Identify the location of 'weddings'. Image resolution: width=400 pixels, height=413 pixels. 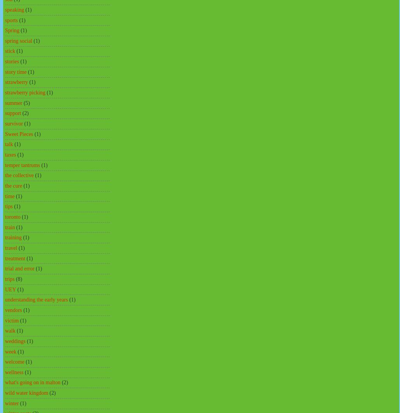
(15, 340).